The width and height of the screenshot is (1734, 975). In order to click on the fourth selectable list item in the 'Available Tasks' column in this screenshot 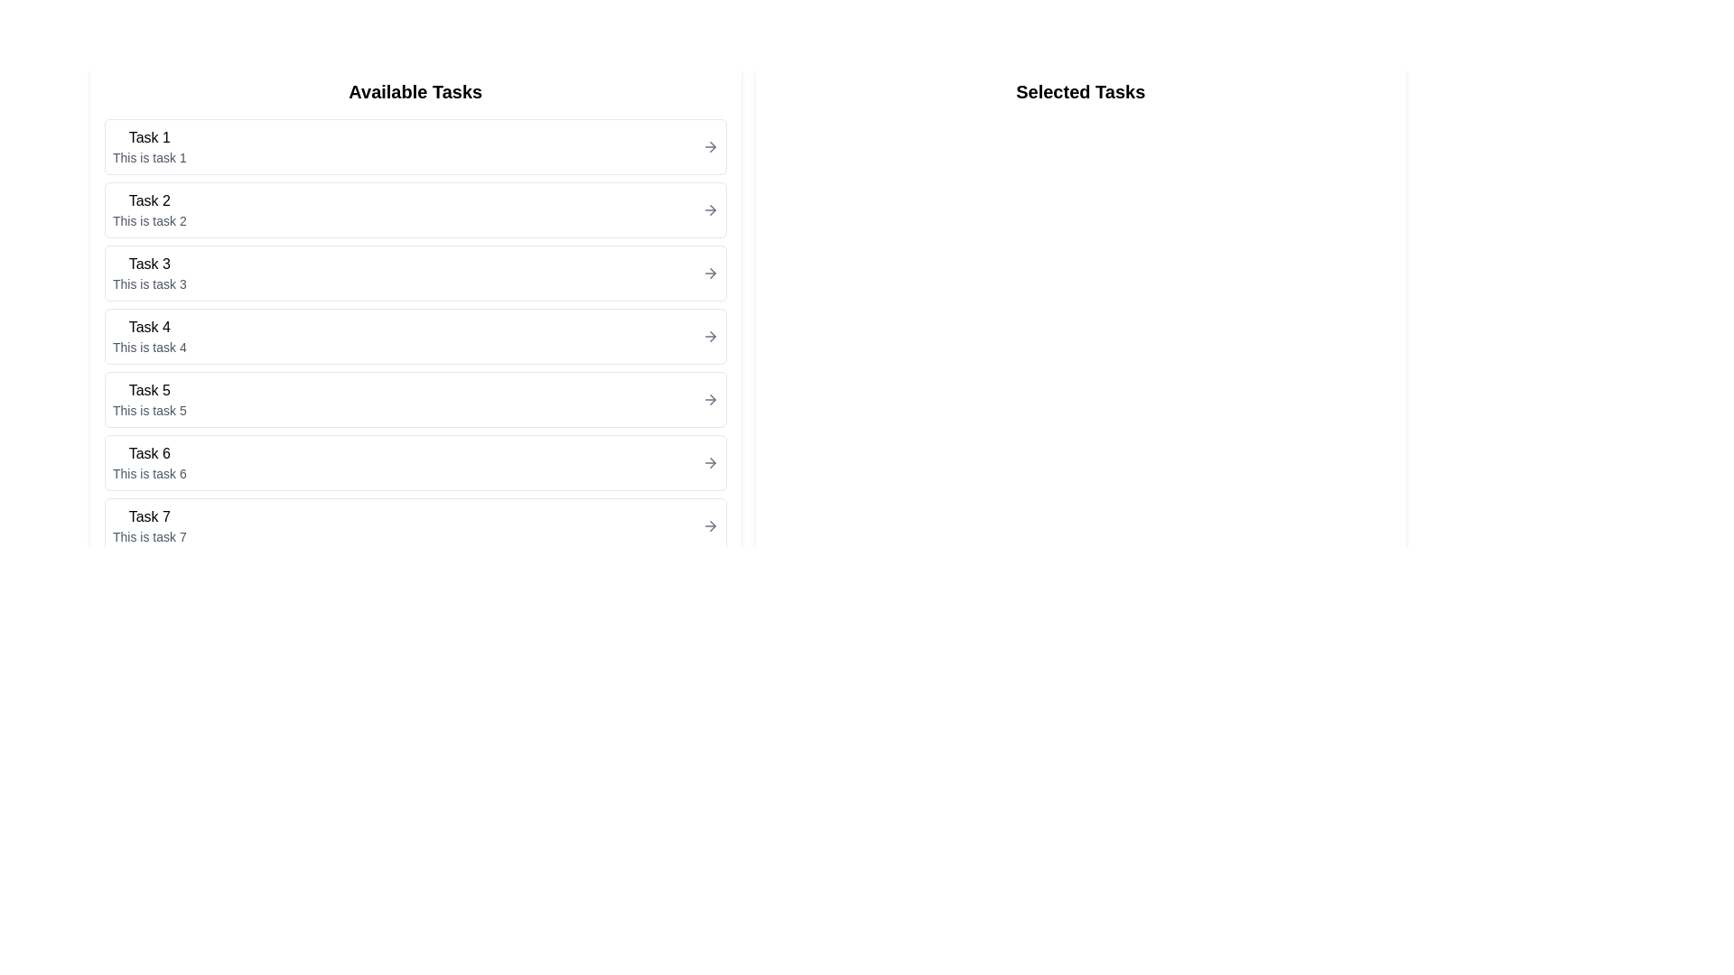, I will do `click(415, 337)`.